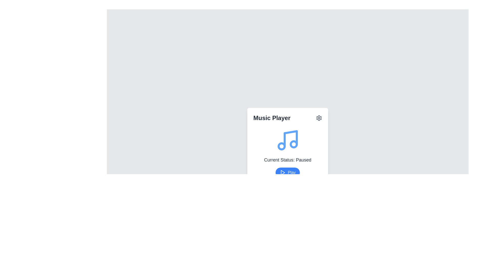  I want to click on the cogwheel icon button located in the top-right corner of the 'Music Player' card, so click(319, 118).